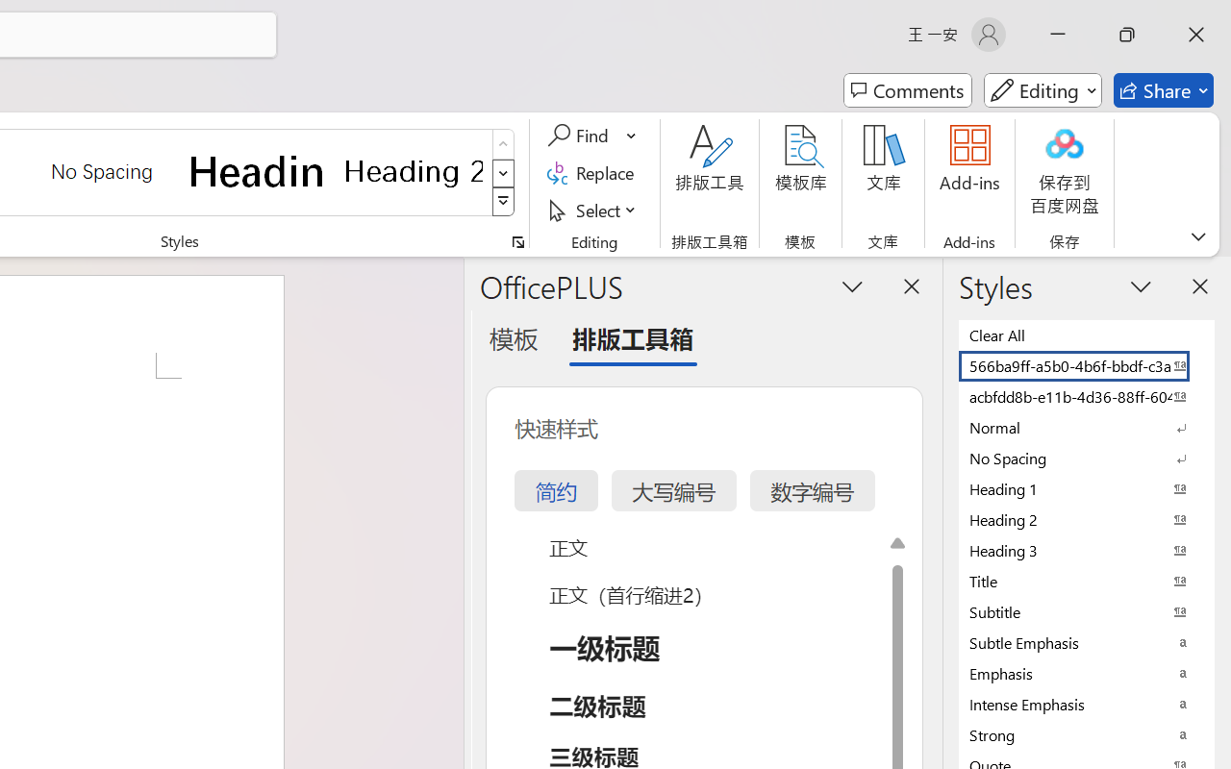 The image size is (1231, 769). I want to click on 'Title', so click(1087, 581).